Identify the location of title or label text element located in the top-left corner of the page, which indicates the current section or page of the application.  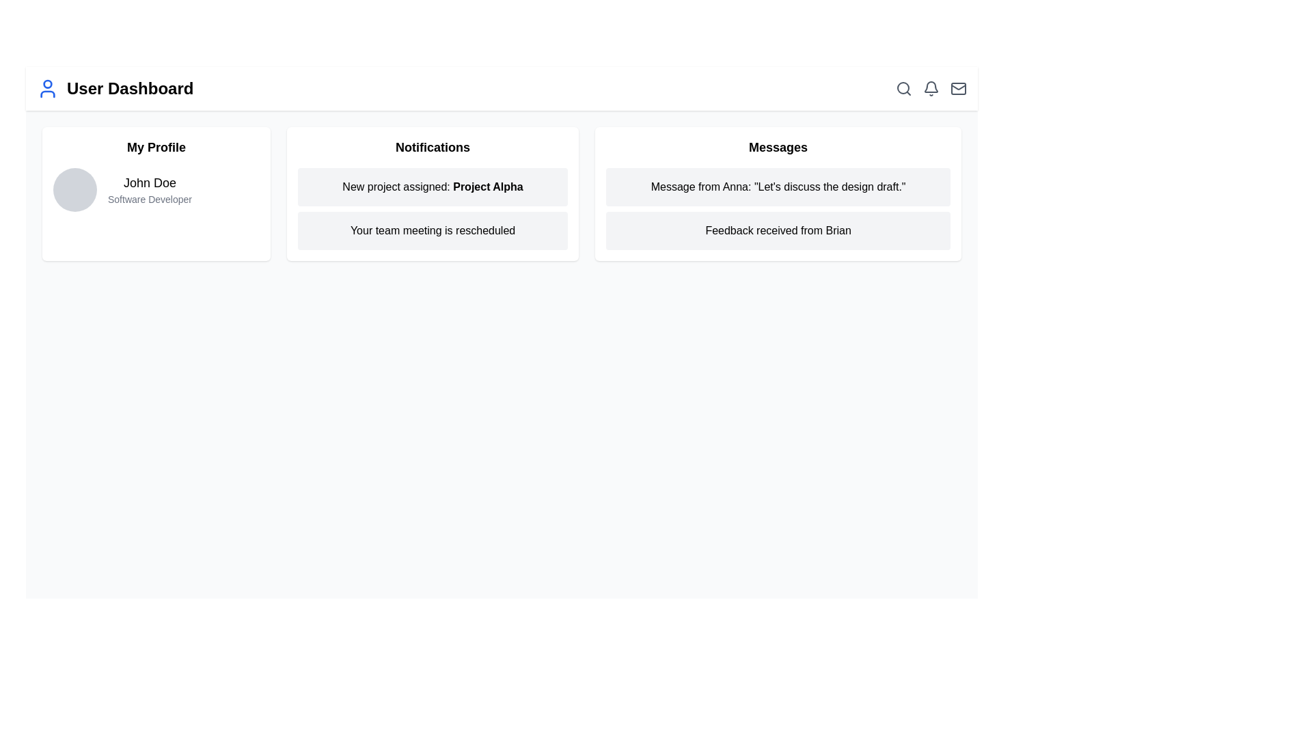
(115, 89).